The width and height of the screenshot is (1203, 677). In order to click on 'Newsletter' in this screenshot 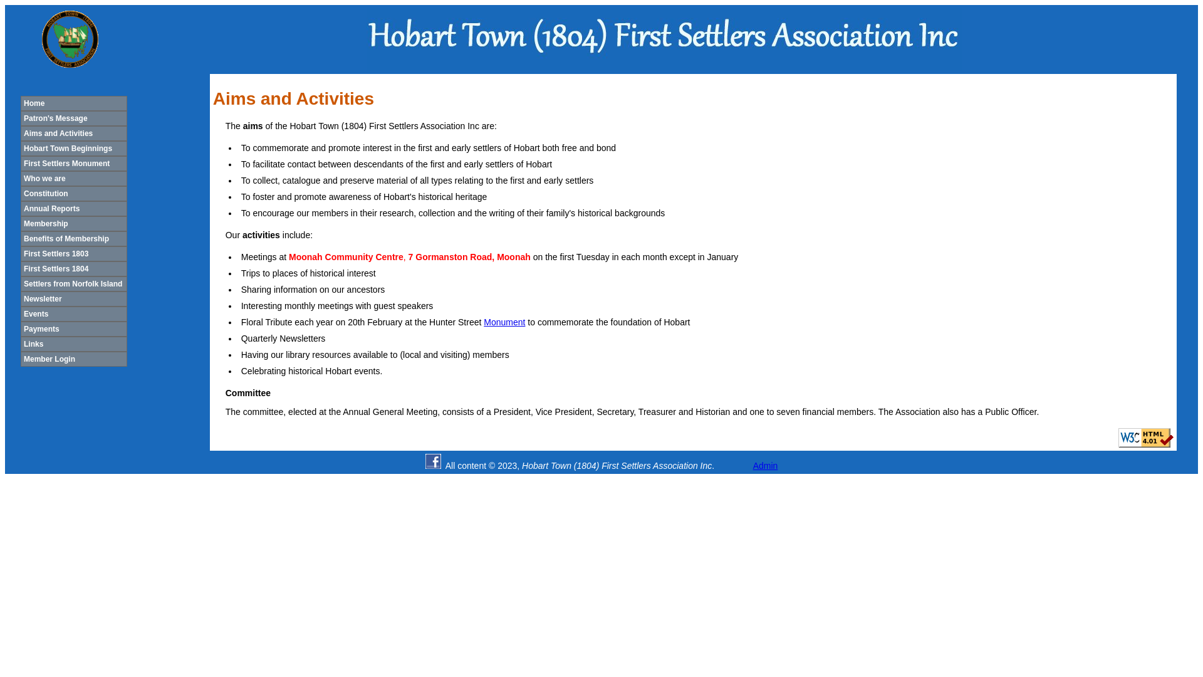, I will do `click(73, 299)`.